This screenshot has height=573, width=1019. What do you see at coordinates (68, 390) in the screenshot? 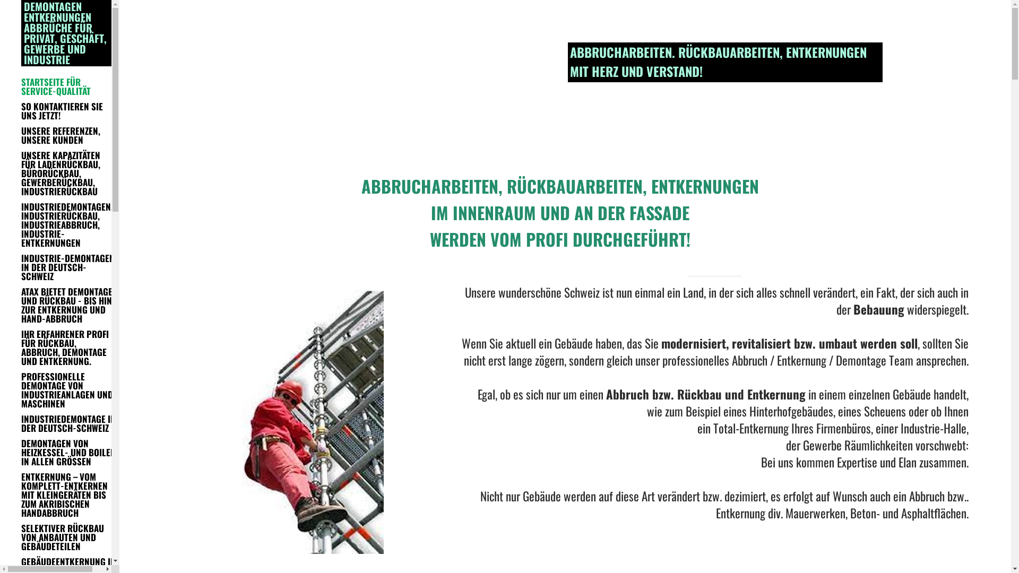
I see `'PROFESSIONELLE DEMONTAGE VON INDUSTRIEANLAGEN UND MASCHINEN'` at bounding box center [68, 390].